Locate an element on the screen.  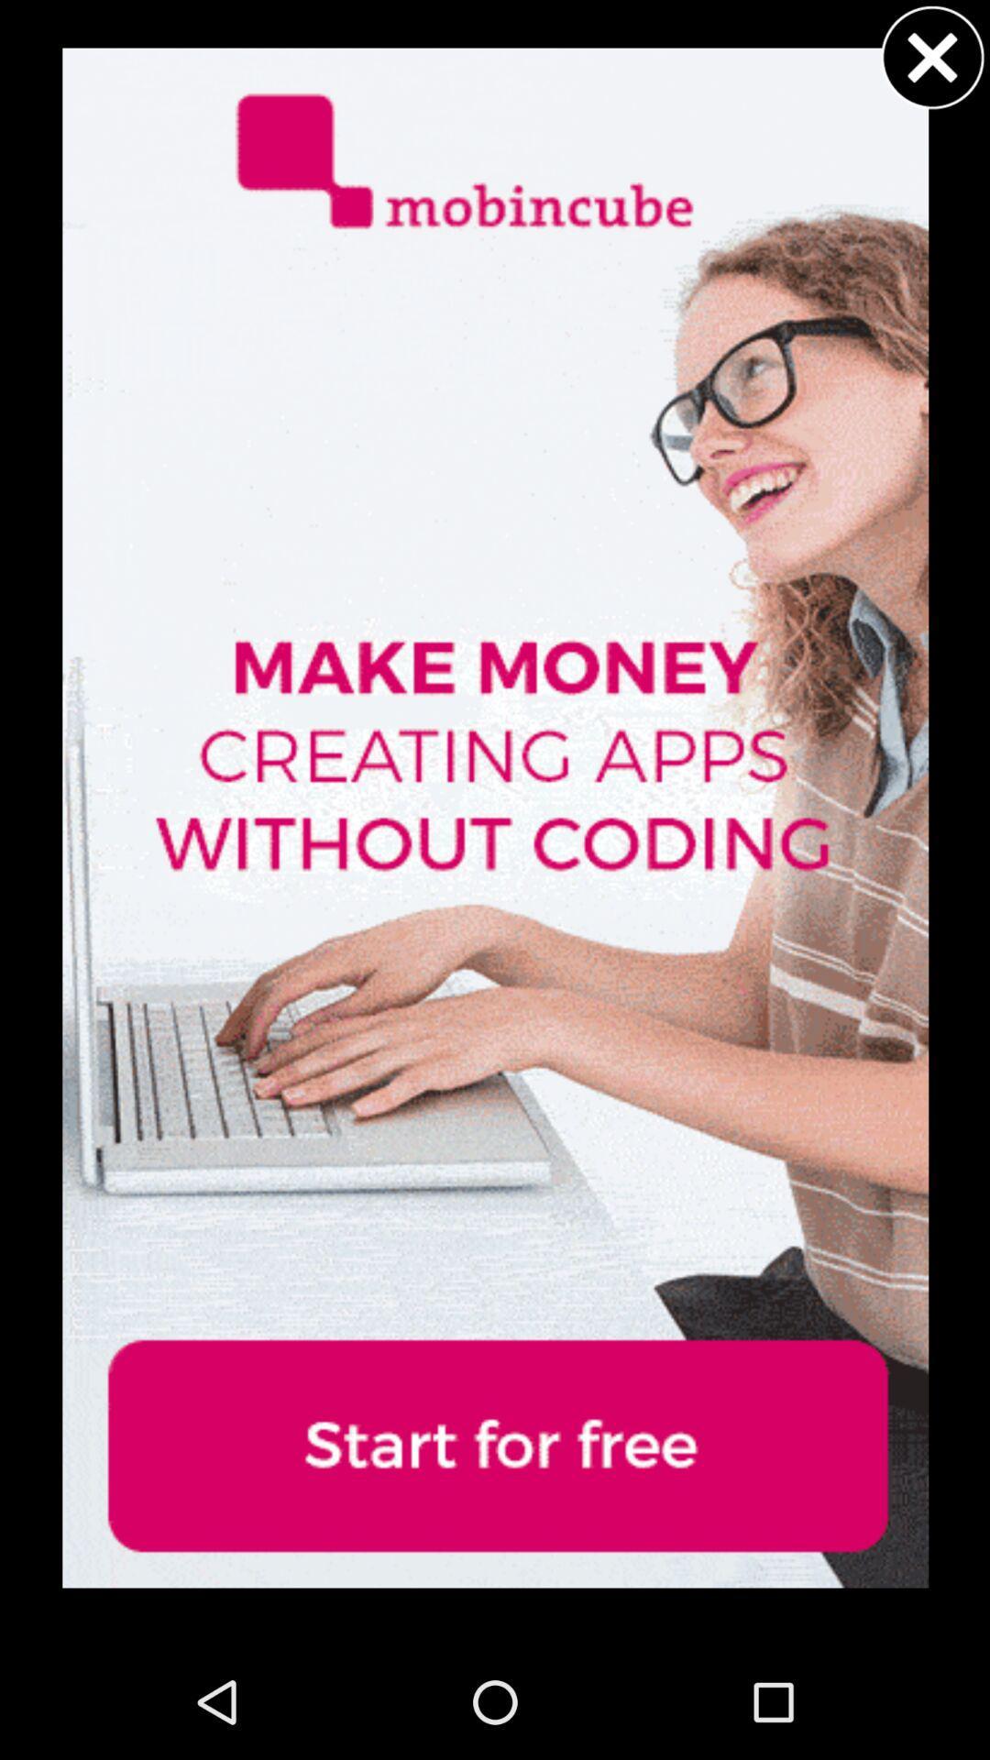
cancel option is located at coordinates (932, 57).